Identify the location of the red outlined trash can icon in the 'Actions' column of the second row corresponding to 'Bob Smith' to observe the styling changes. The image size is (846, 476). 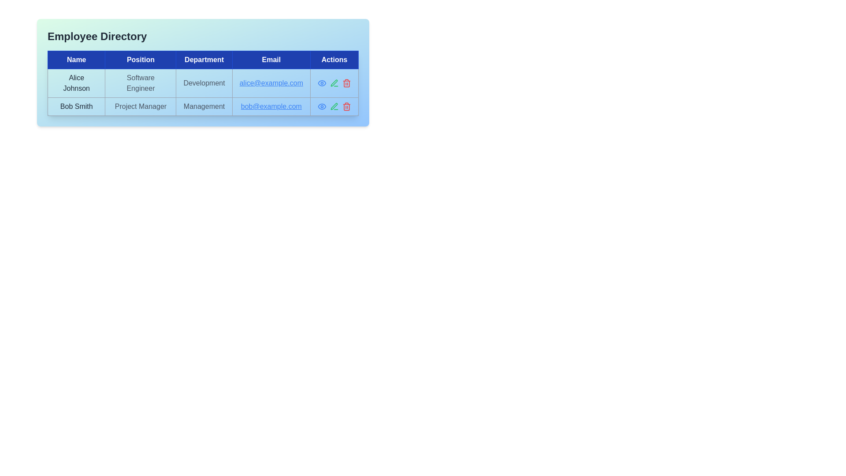
(346, 106).